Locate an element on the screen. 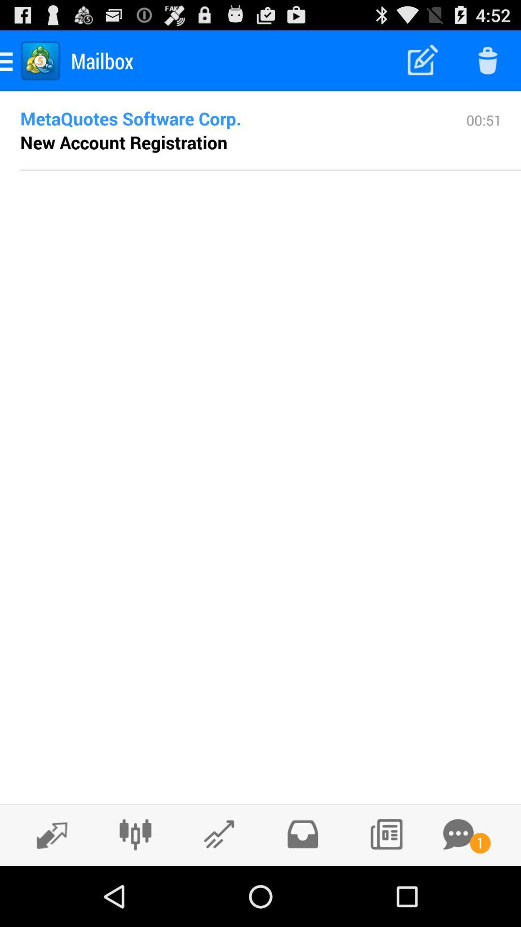 The width and height of the screenshot is (521, 927). message option is located at coordinates (458, 834).